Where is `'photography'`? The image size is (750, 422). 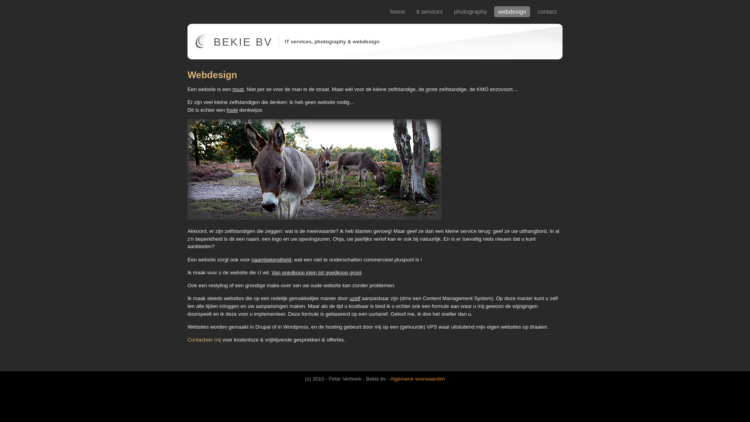 'photography' is located at coordinates (471, 11).